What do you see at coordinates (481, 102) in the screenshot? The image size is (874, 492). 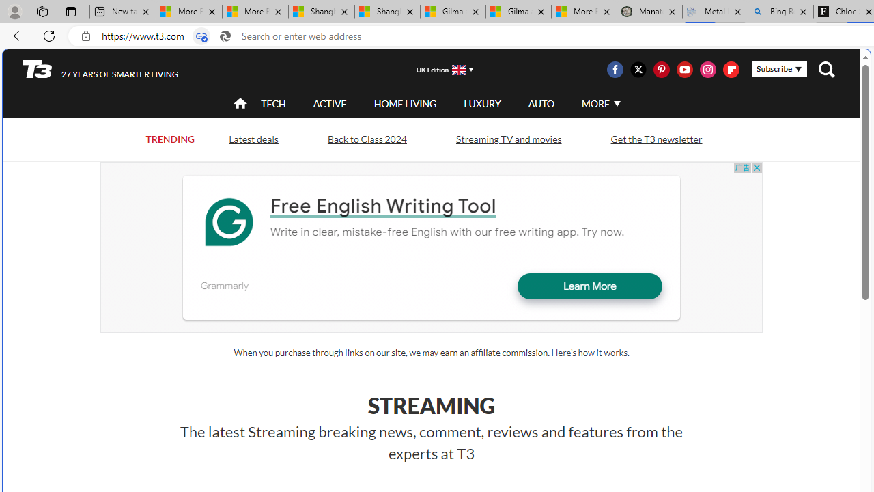 I see `'LUXURY'` at bounding box center [481, 102].